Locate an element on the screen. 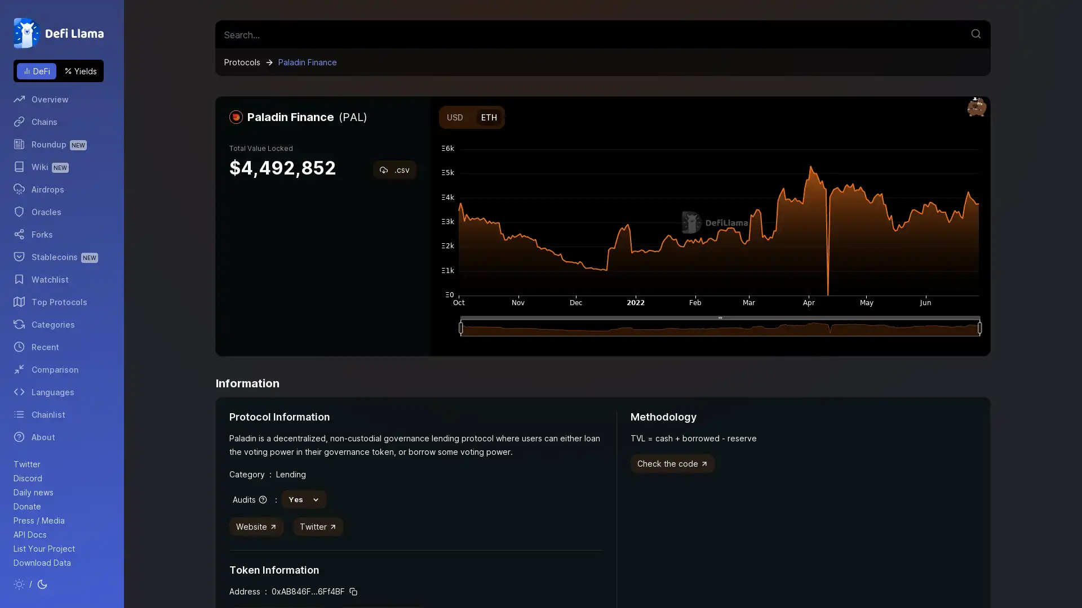 The image size is (1082, 608). Enable Goblin Mode bobo cheers is located at coordinates (976, 108).